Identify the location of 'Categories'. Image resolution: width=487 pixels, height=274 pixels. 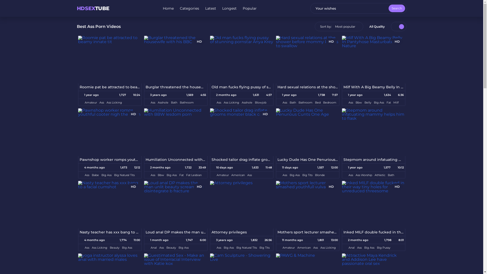
(189, 8).